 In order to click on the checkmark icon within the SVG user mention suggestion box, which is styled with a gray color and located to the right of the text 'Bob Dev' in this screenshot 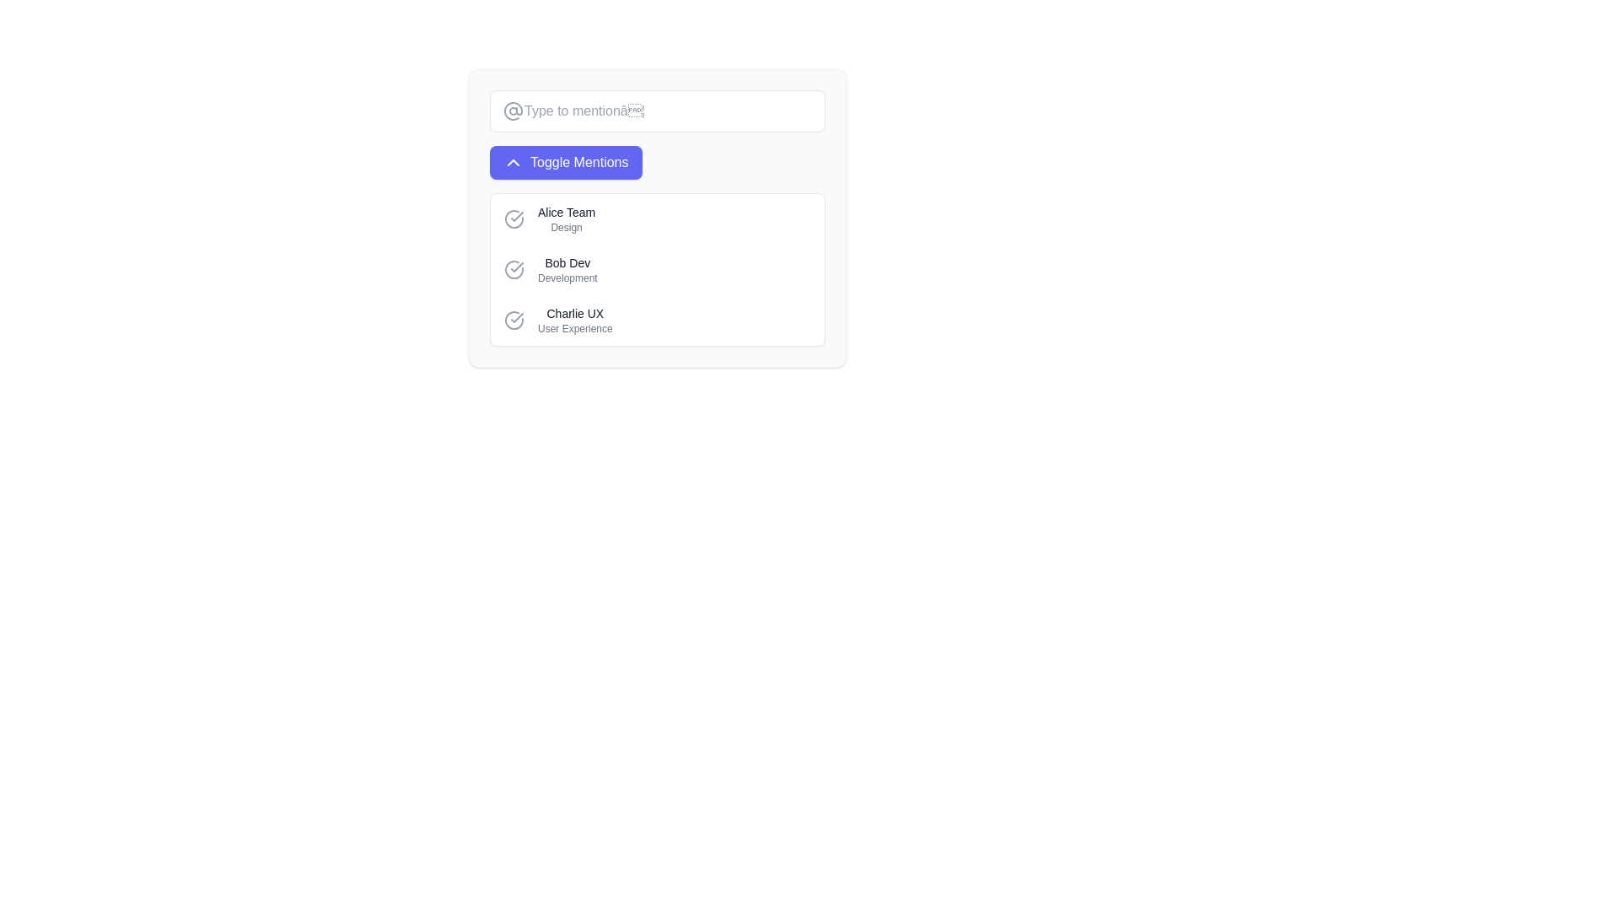, I will do `click(516, 216)`.